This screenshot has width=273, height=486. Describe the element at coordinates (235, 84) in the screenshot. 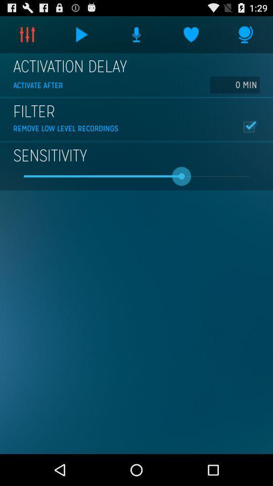

I see `icon to the right of activate after icon` at that location.